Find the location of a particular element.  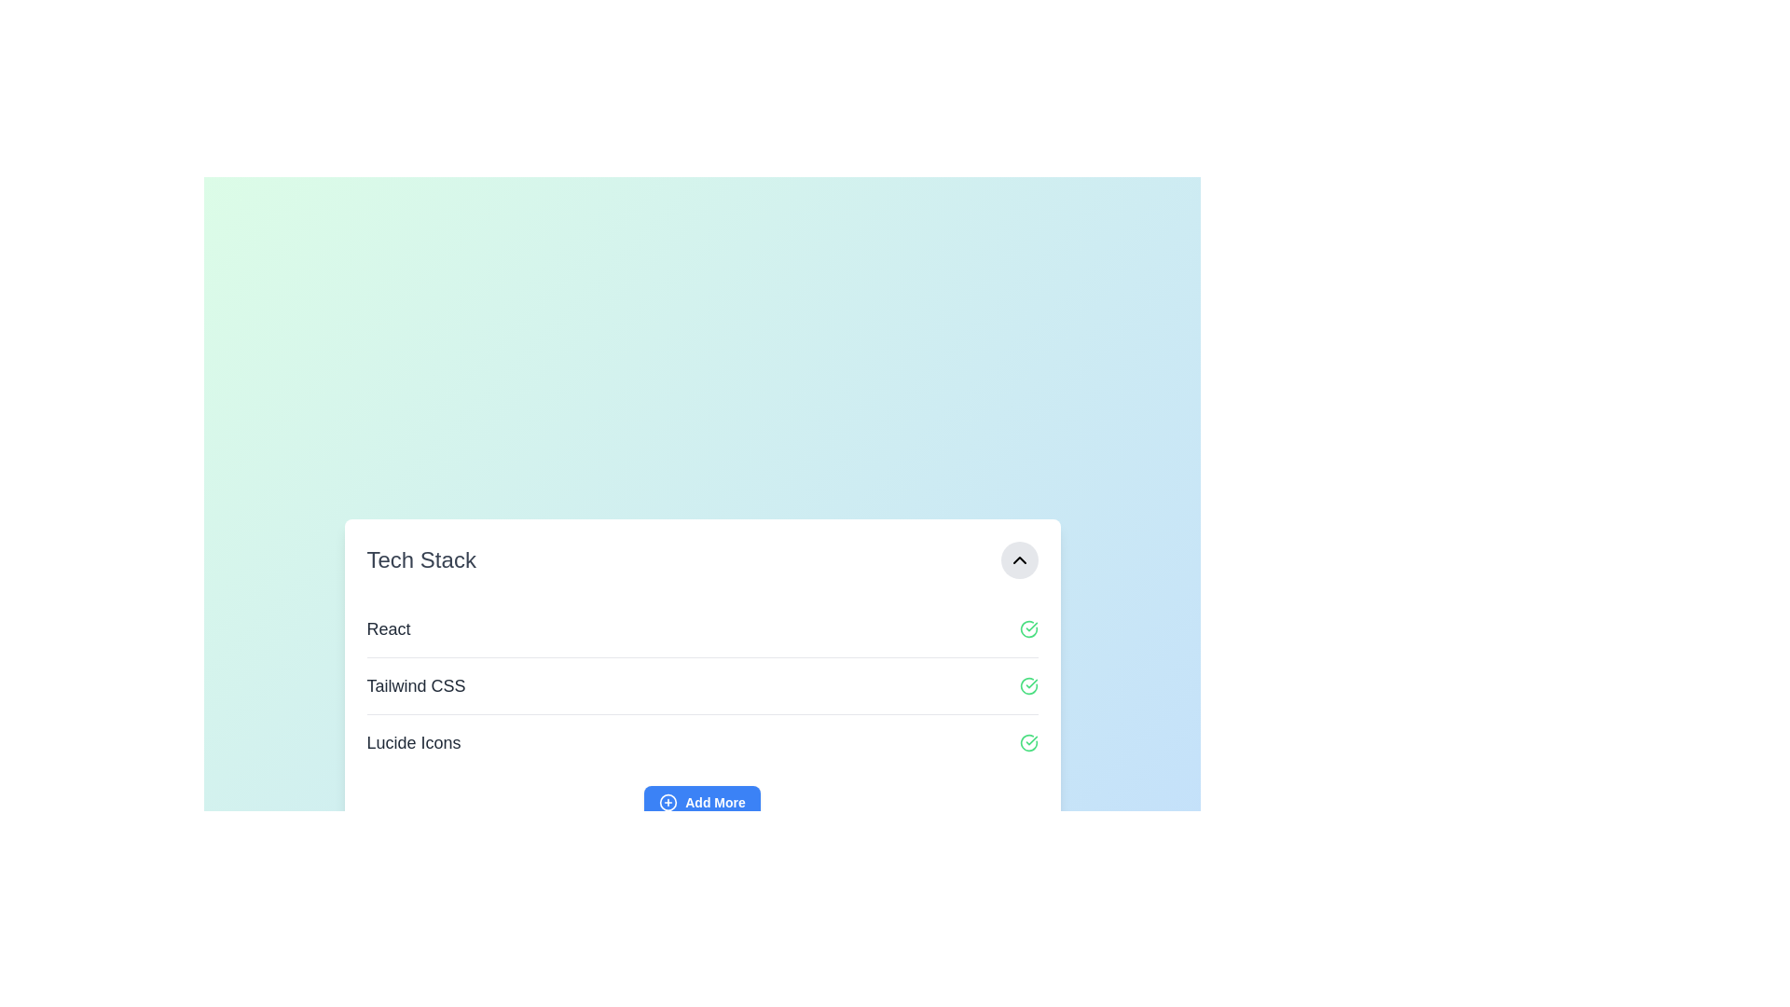

the active status icon located to the right of the 'Tailwind CSS' text in the second row of the layout is located at coordinates (1027, 686).